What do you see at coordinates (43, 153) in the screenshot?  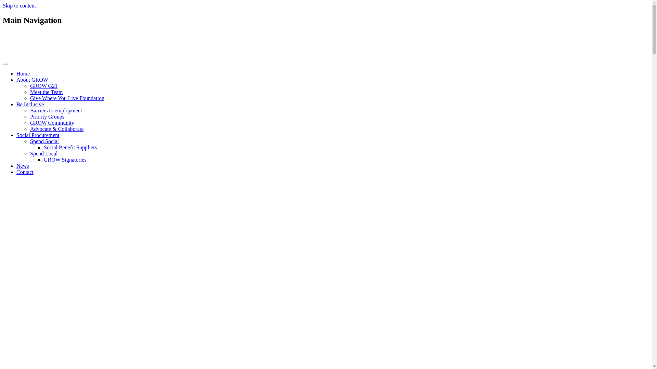 I see `'Spend Local'` at bounding box center [43, 153].